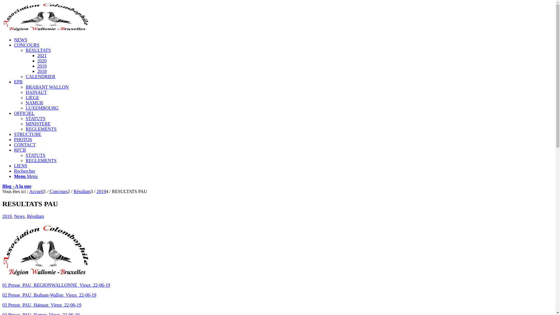 This screenshot has height=315, width=560. I want to click on 'MINISTERE', so click(38, 123).